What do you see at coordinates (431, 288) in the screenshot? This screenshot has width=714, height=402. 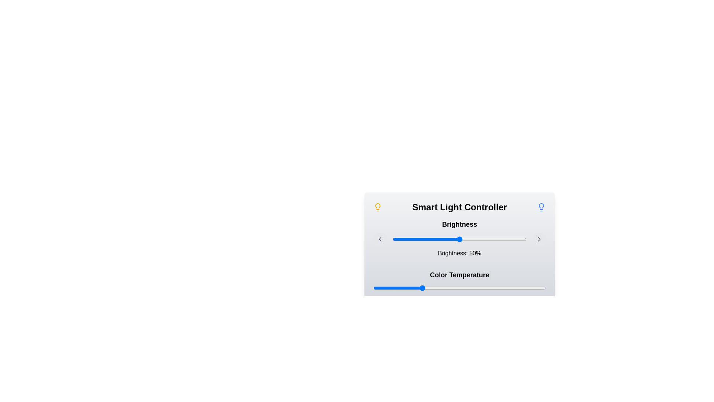 I see `the color temperature` at bounding box center [431, 288].